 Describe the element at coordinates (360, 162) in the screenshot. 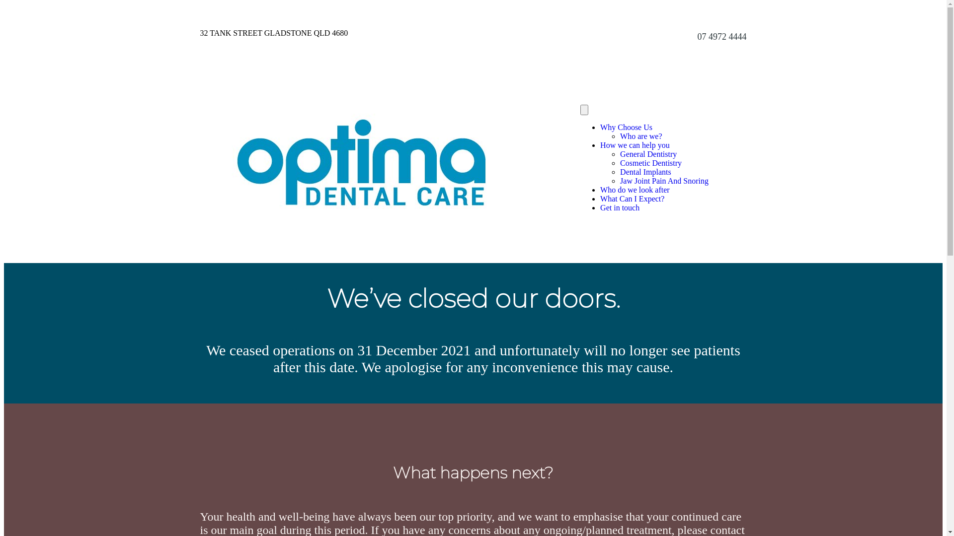

I see `'Optima Dental Care logo 2018 - digital'` at that location.